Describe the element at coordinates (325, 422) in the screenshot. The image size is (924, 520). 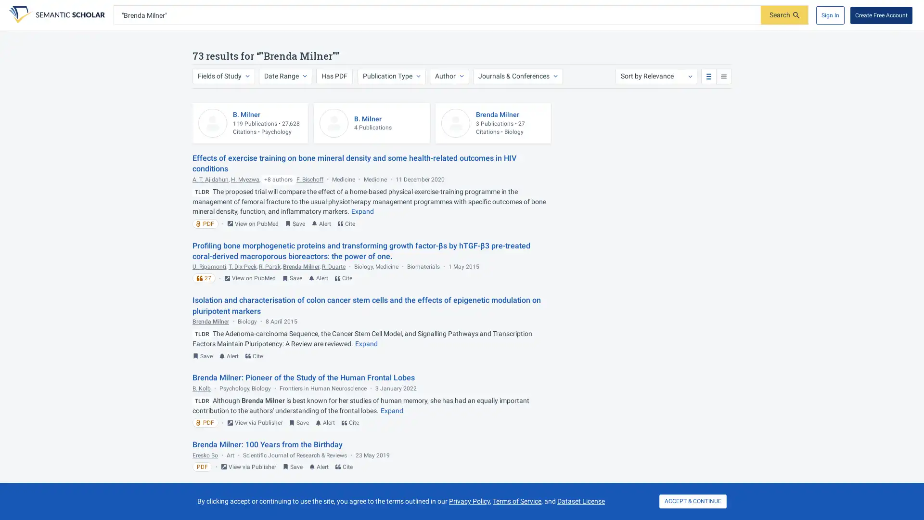
I see `Turn on email alert for this paper` at that location.